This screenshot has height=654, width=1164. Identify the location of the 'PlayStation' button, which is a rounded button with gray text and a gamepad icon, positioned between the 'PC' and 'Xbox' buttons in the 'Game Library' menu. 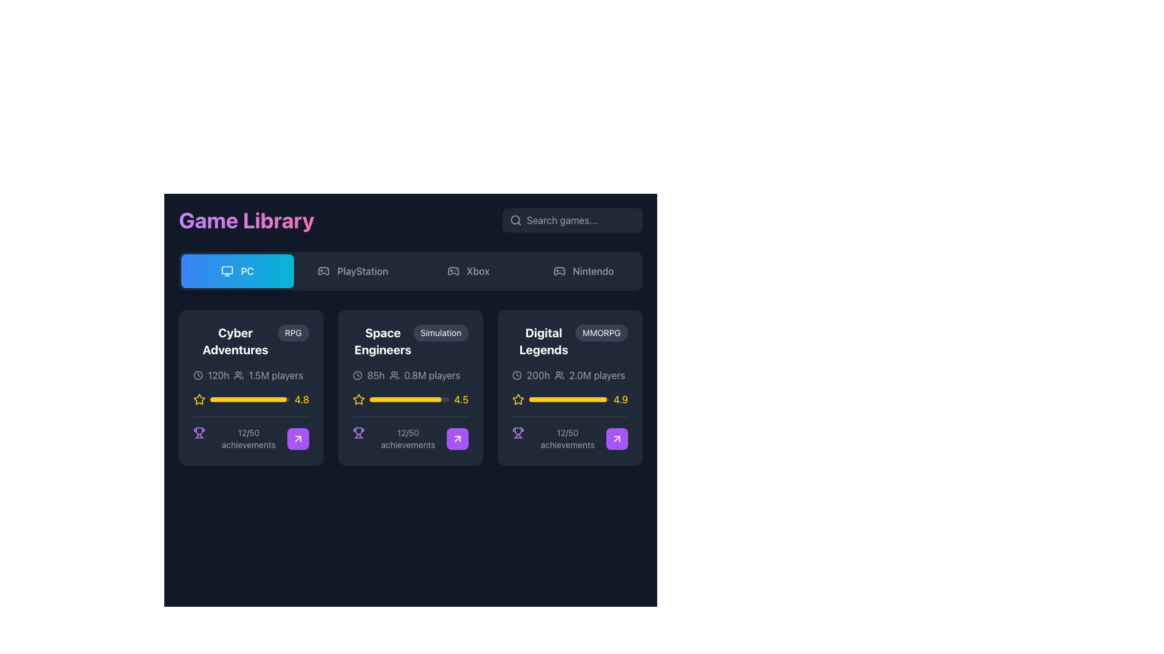
(352, 270).